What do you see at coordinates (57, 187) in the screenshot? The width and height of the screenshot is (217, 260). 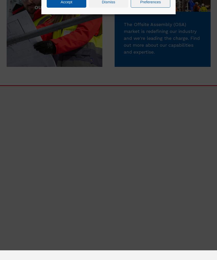 I see `'Emma Brennan'` at bounding box center [57, 187].